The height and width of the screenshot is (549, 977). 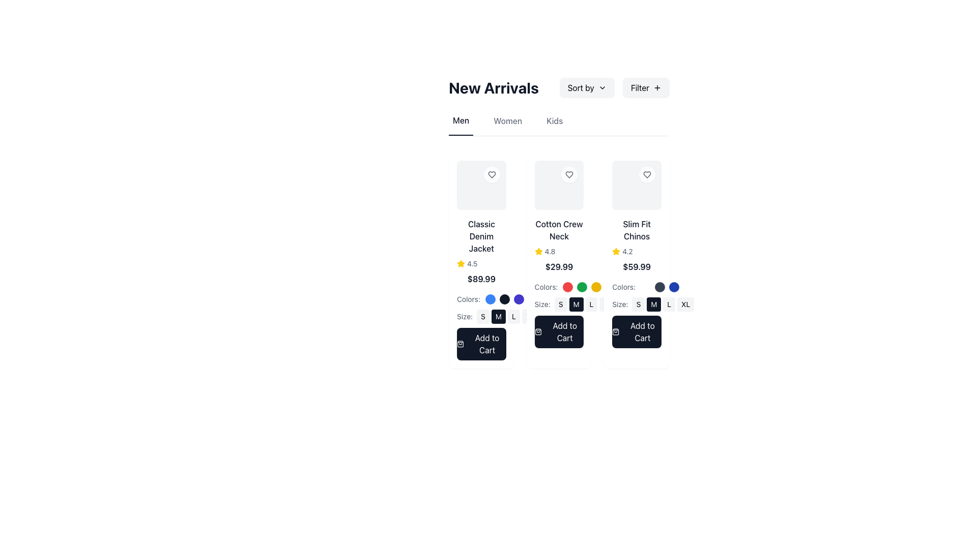 I want to click on the dropdown button located in the top-right region of the interface, so click(x=587, y=87).